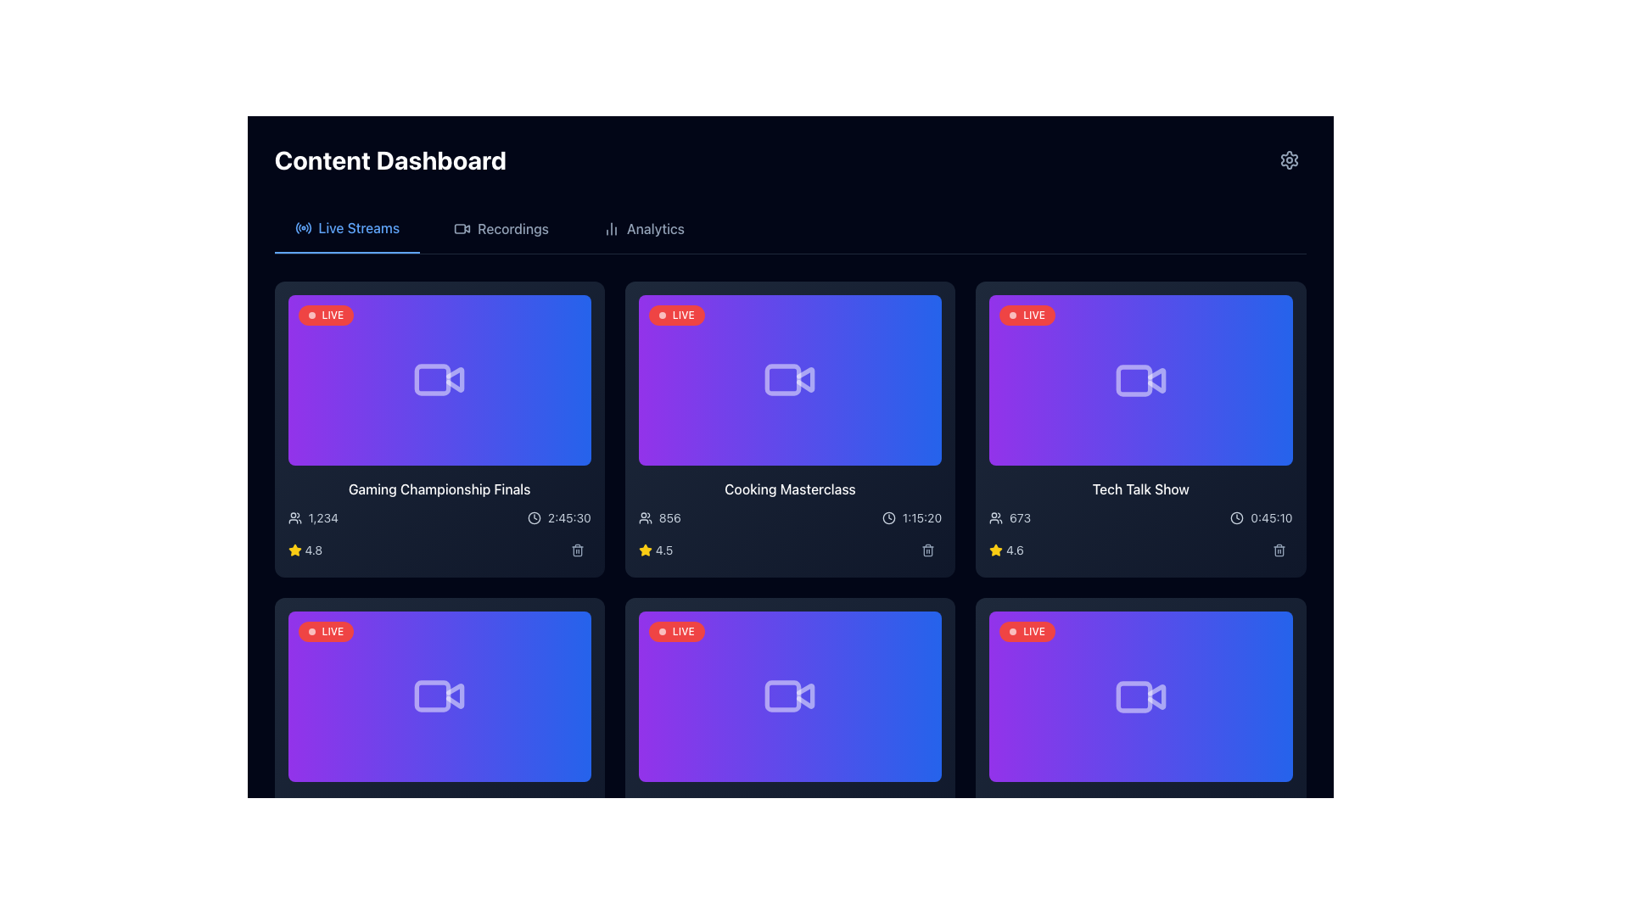 Image resolution: width=1629 pixels, height=916 pixels. I want to click on keyboard navigation, so click(642, 229).